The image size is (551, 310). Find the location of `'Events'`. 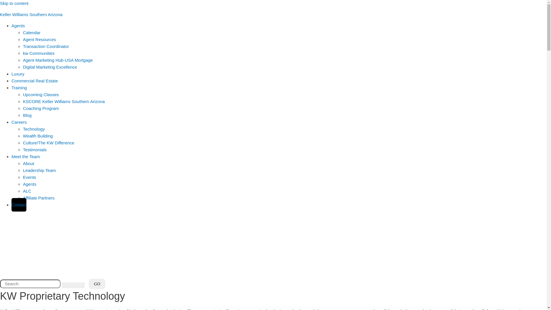

'Events' is located at coordinates (29, 177).